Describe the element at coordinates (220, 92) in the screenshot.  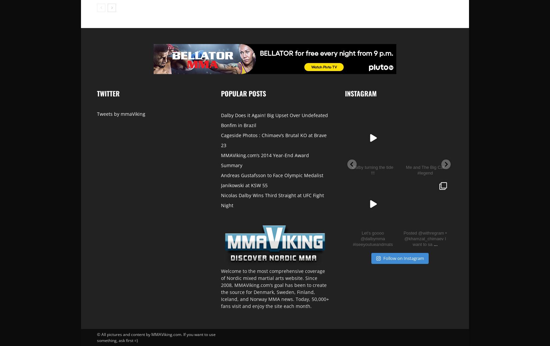
I see `'Popular posts'` at that location.